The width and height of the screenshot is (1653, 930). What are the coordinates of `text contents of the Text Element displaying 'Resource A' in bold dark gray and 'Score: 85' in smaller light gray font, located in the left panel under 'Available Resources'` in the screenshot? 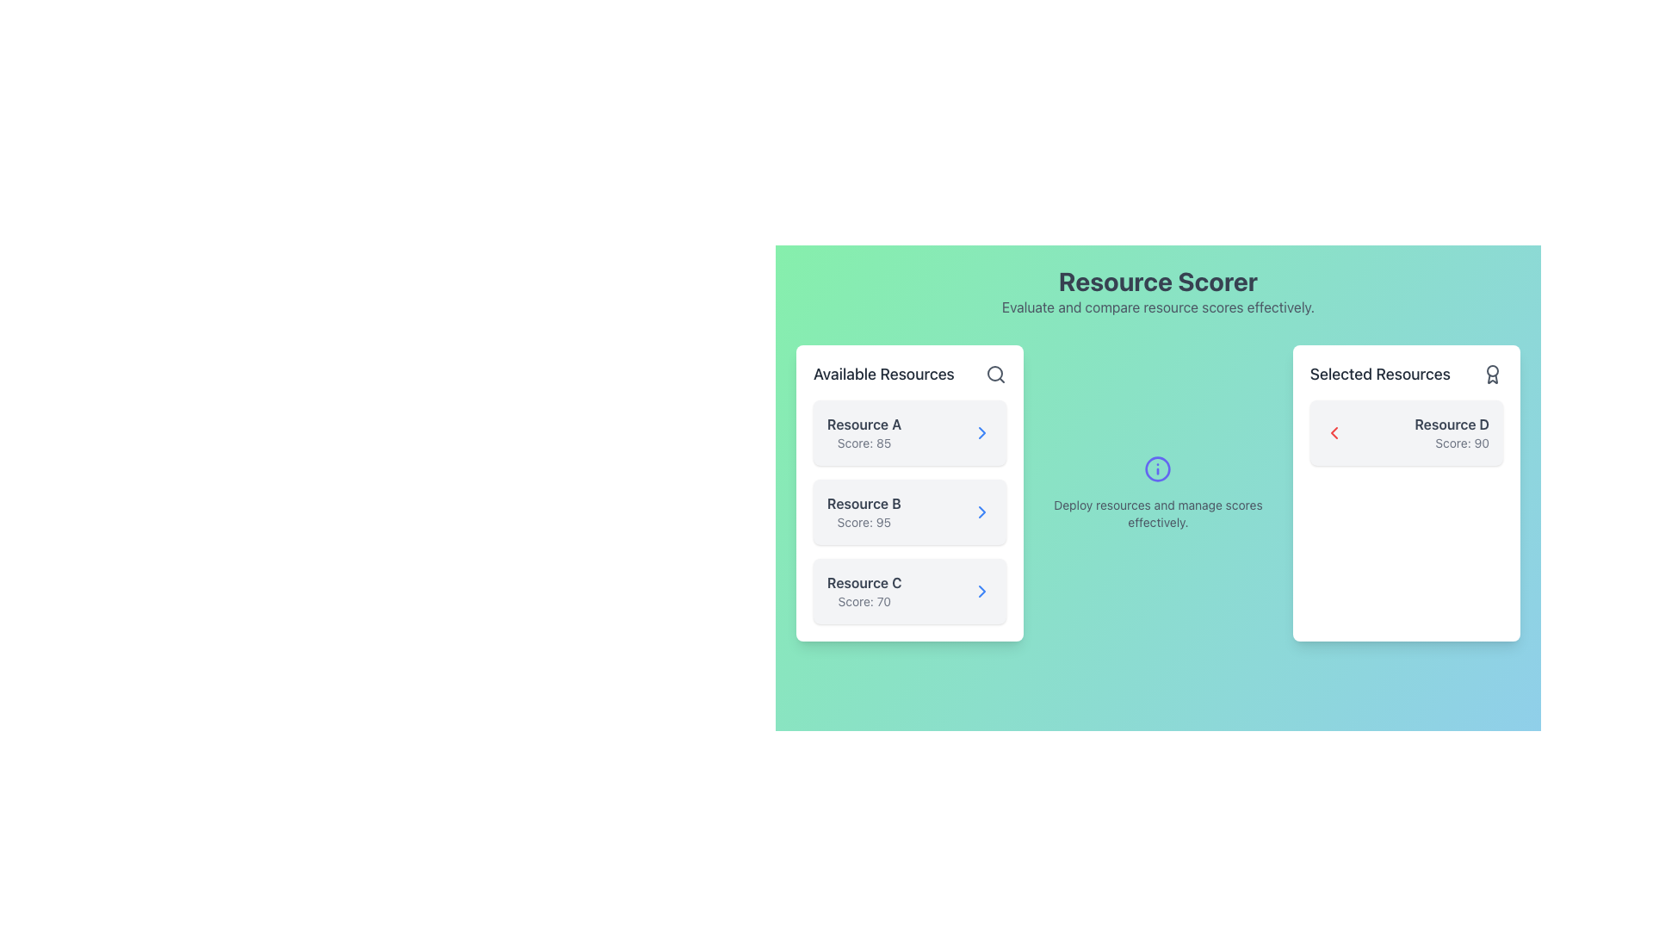 It's located at (864, 431).